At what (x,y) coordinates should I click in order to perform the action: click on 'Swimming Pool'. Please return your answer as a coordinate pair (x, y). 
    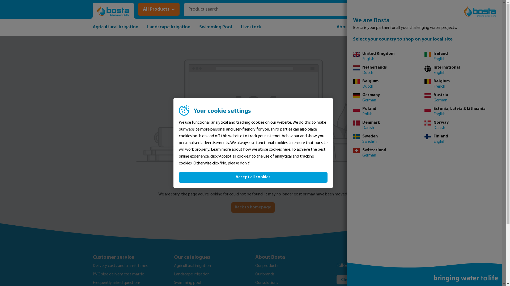
    Looking at the image, I should click on (215, 27).